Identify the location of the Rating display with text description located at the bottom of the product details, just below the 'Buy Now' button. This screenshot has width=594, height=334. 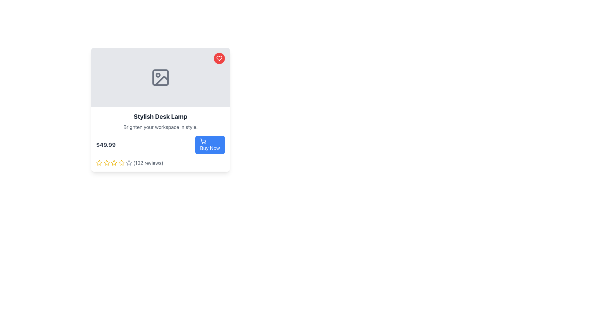
(160, 163).